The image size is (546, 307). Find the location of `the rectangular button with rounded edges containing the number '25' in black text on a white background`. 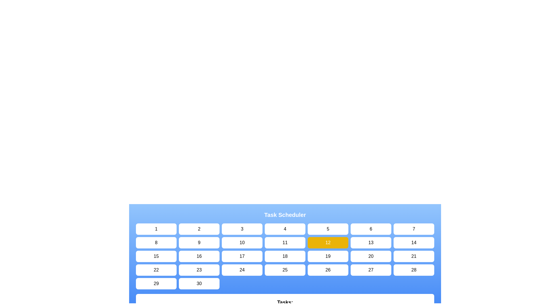

the rectangular button with rounded edges containing the number '25' in black text on a white background is located at coordinates (285, 269).